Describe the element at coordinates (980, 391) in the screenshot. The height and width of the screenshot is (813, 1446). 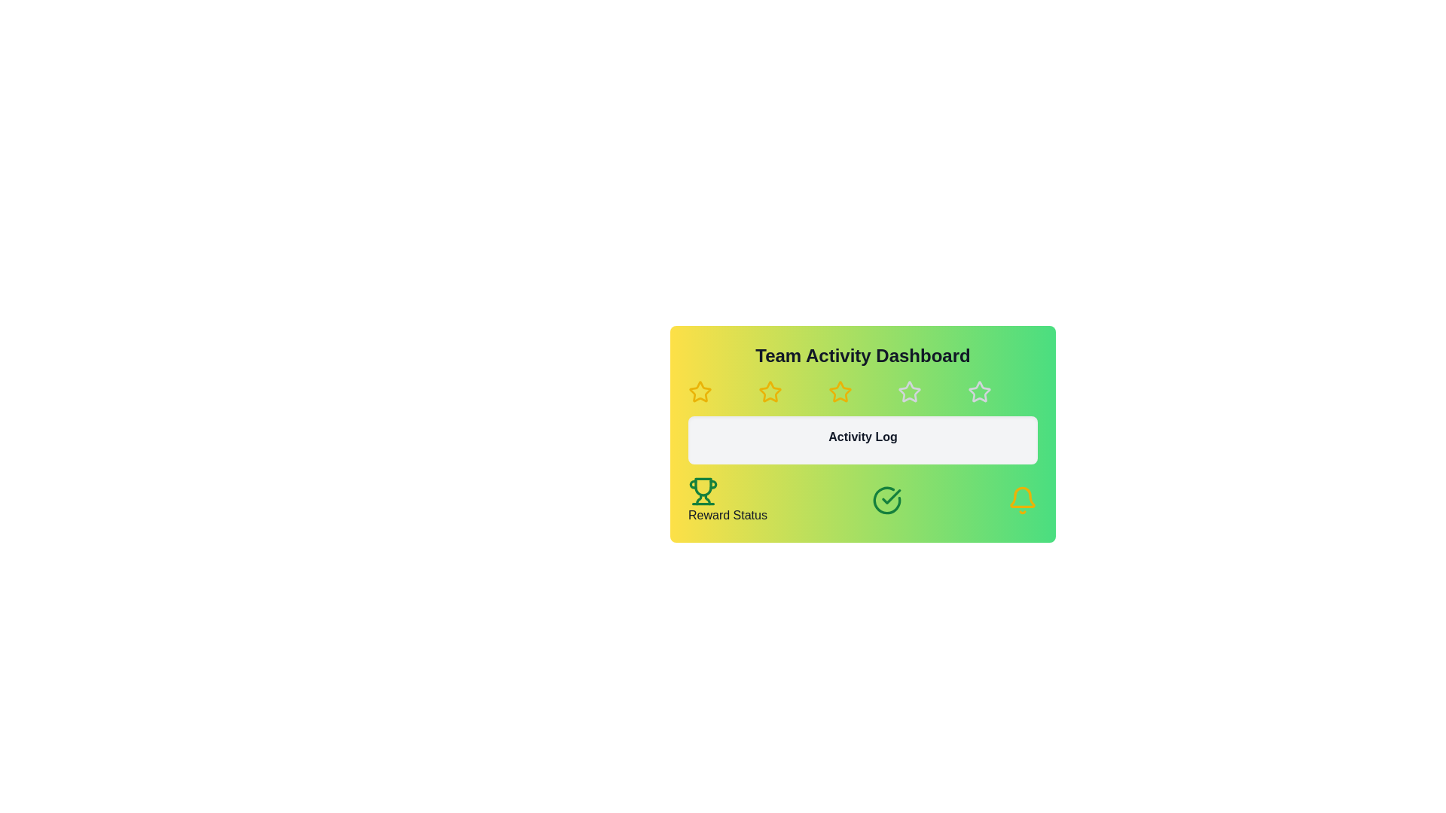
I see `the fifth star icon in the row of five star icons on the green-gradient dashboard panel` at that location.